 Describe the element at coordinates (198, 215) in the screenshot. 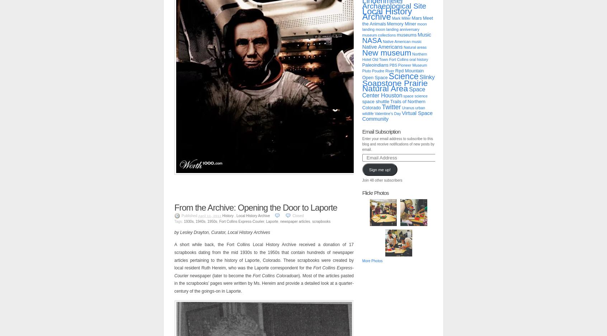

I see `'April 11, 2011'` at that location.